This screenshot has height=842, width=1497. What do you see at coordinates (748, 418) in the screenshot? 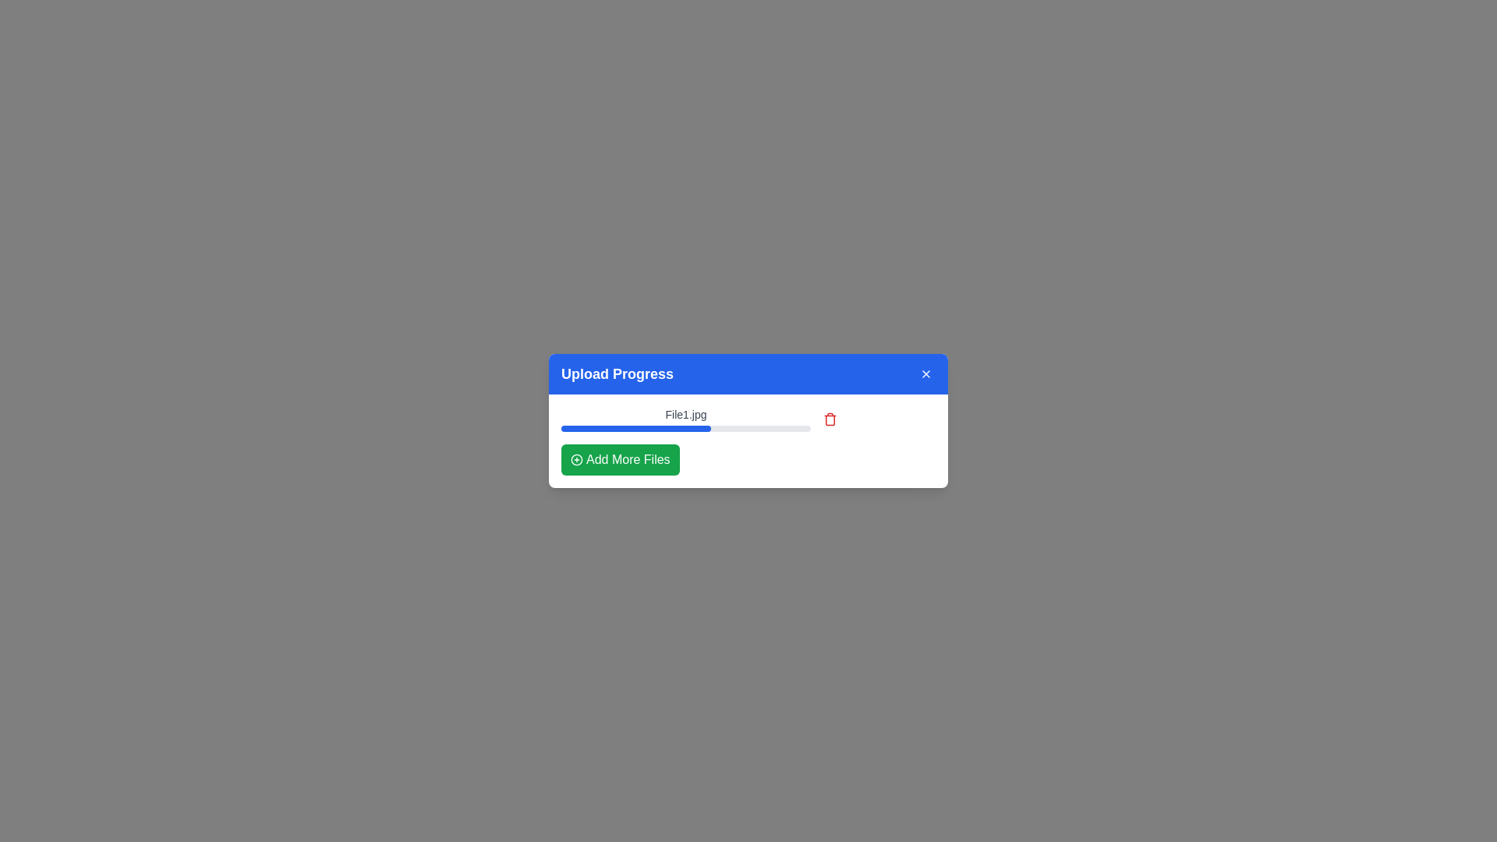
I see `the progress status of the upload progress bar for 'File1.jpg' located below the 'Upload Progress' header and above the 'Add More Files' button` at bounding box center [748, 418].